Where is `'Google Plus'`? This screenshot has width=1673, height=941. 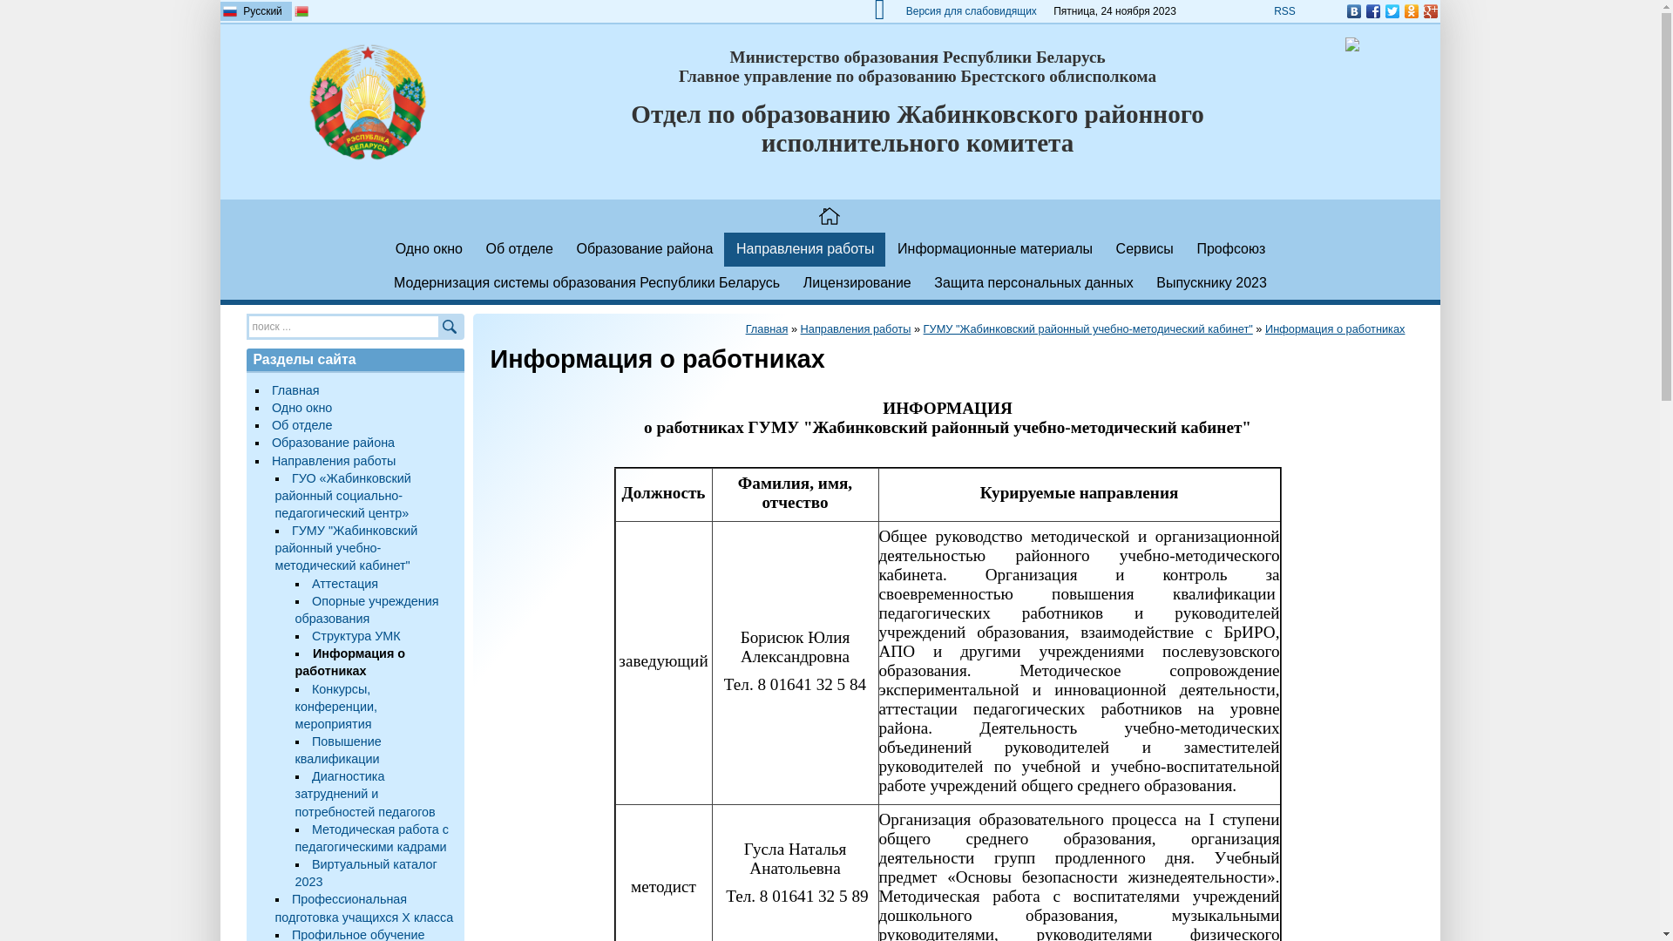 'Google Plus' is located at coordinates (1430, 10).